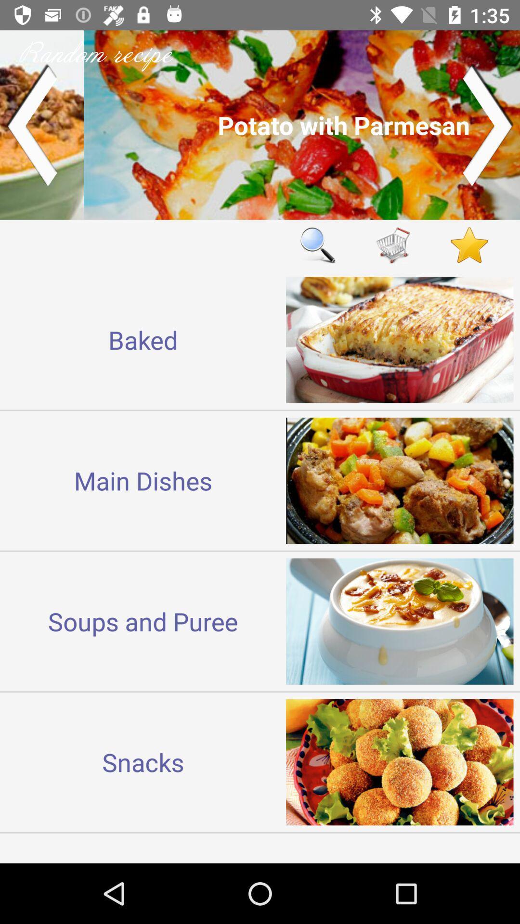 The height and width of the screenshot is (924, 520). What do you see at coordinates (469, 245) in the screenshot?
I see `to favourites` at bounding box center [469, 245].